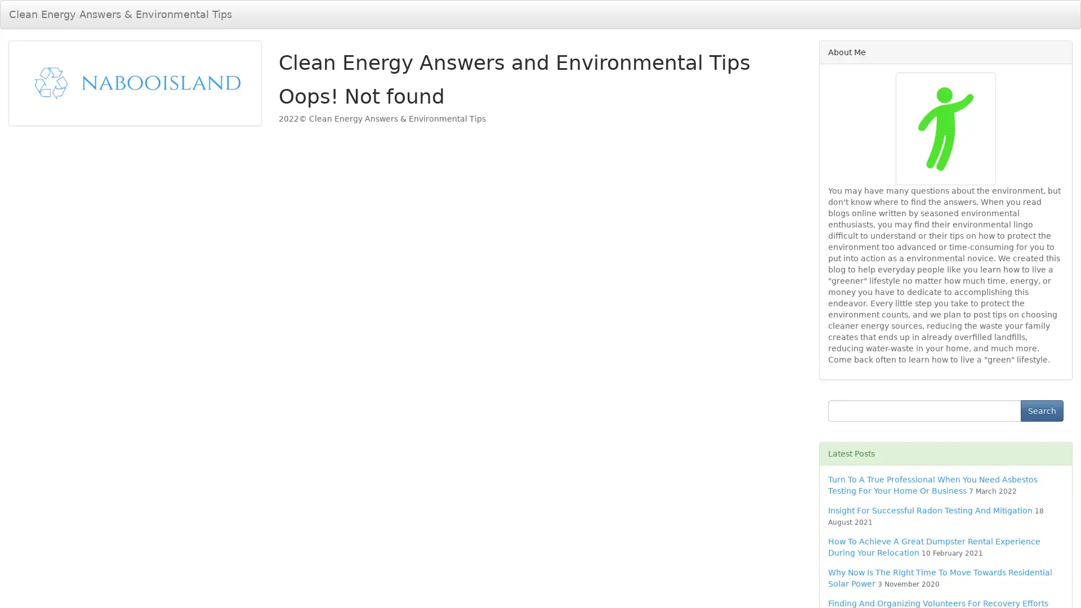 This screenshot has height=608, width=1081. I want to click on Search, so click(1042, 410).